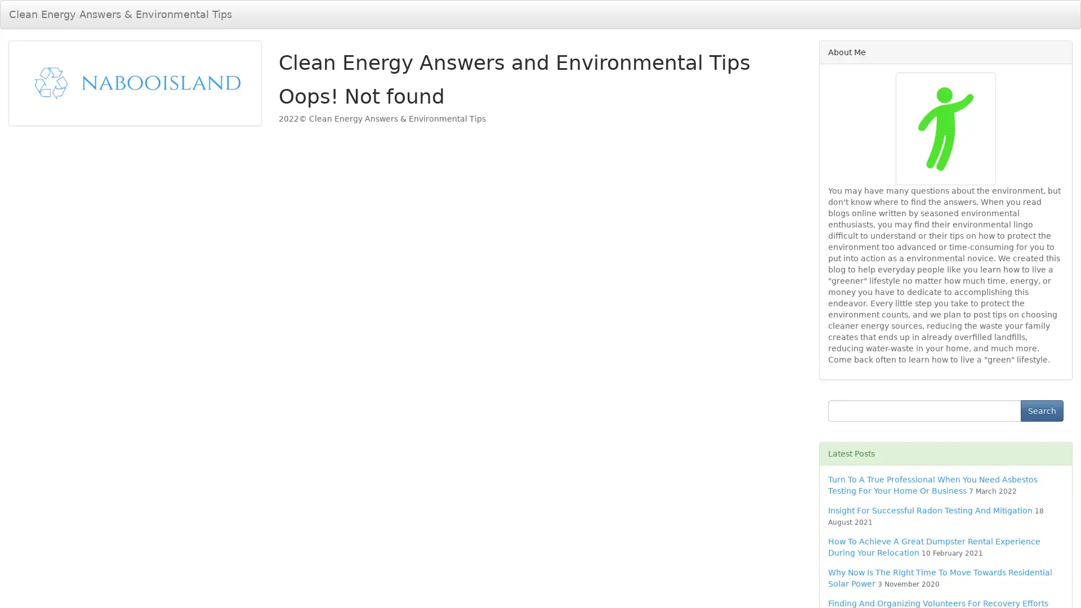 This screenshot has height=608, width=1081. I want to click on Search, so click(1042, 410).